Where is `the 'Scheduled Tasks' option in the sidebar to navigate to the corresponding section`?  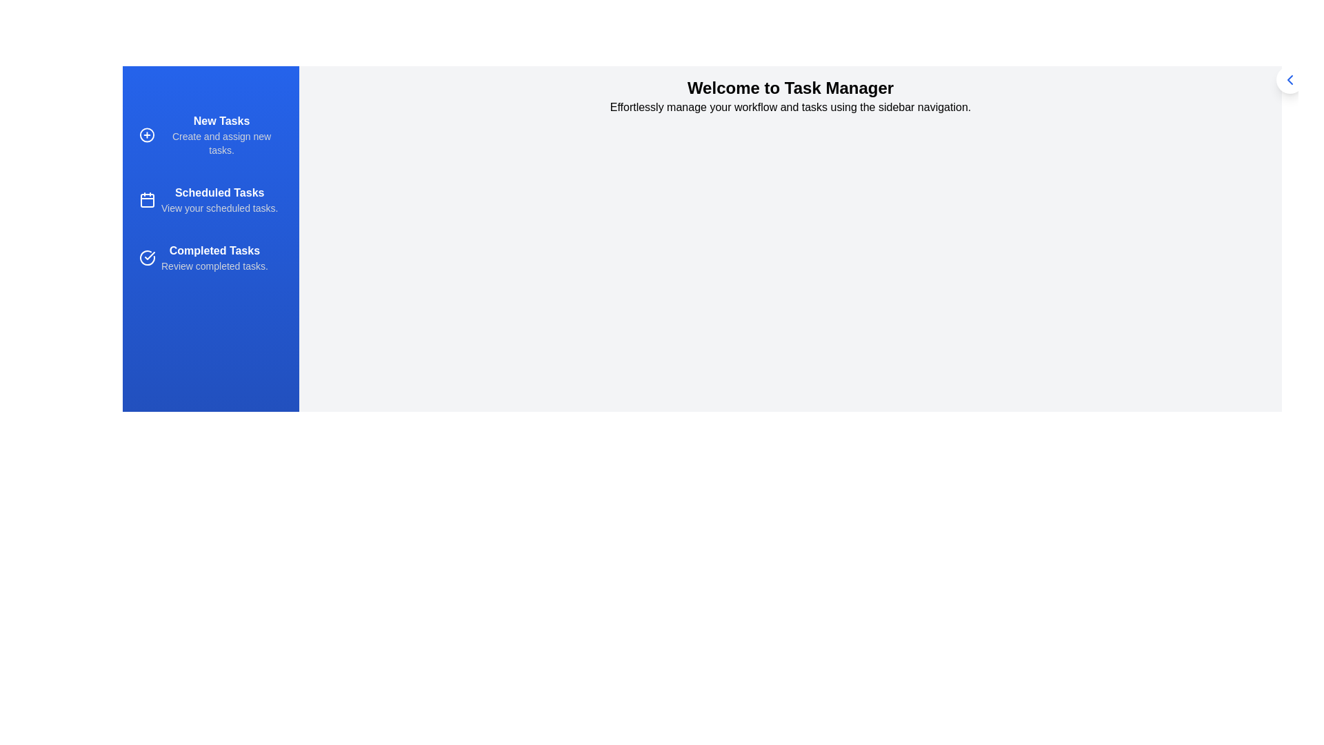 the 'Scheduled Tasks' option in the sidebar to navigate to the corresponding section is located at coordinates (210, 199).